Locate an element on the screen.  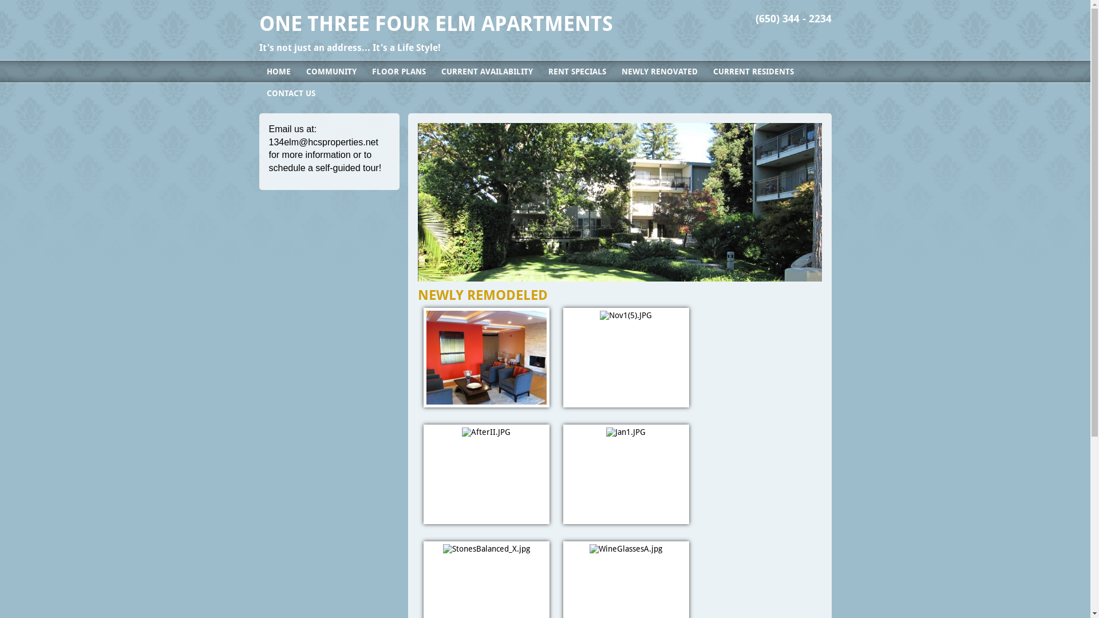
'CONTACT US' is located at coordinates (290, 92).